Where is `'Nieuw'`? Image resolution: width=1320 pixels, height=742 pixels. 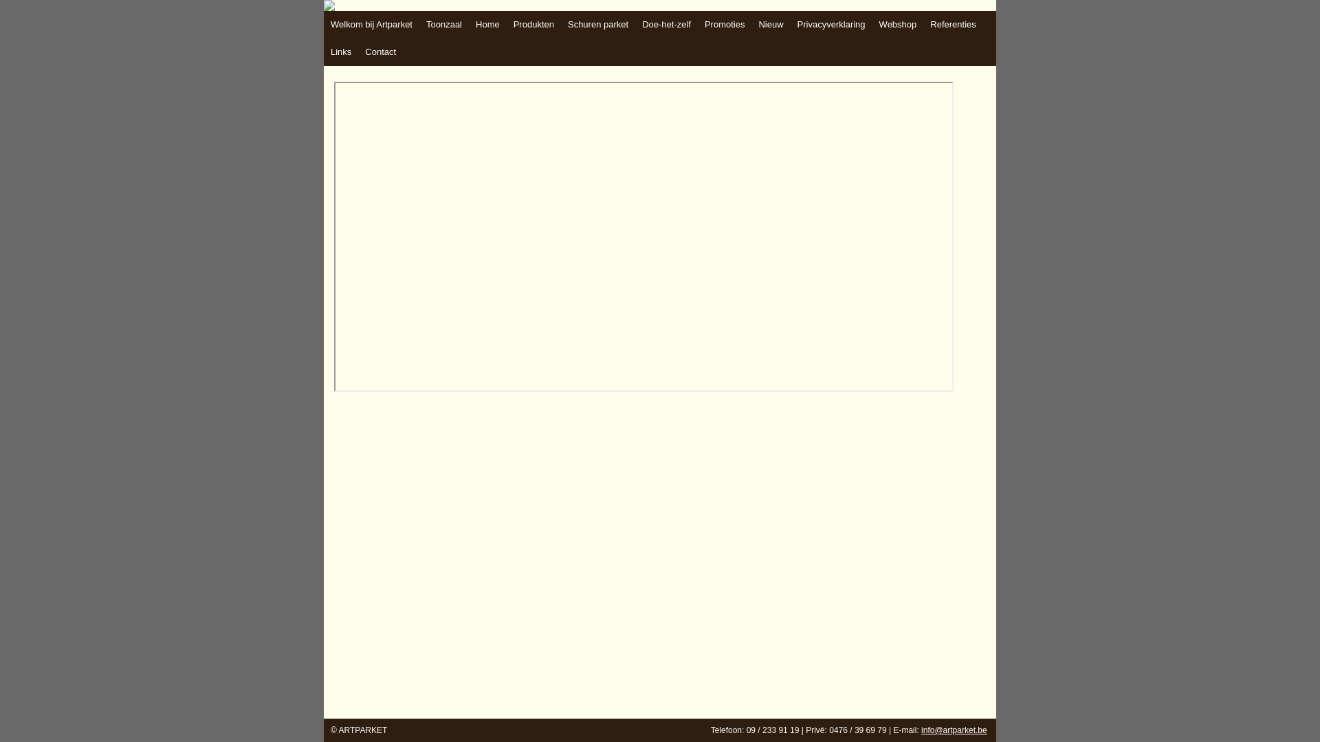 'Nieuw' is located at coordinates (771, 24).